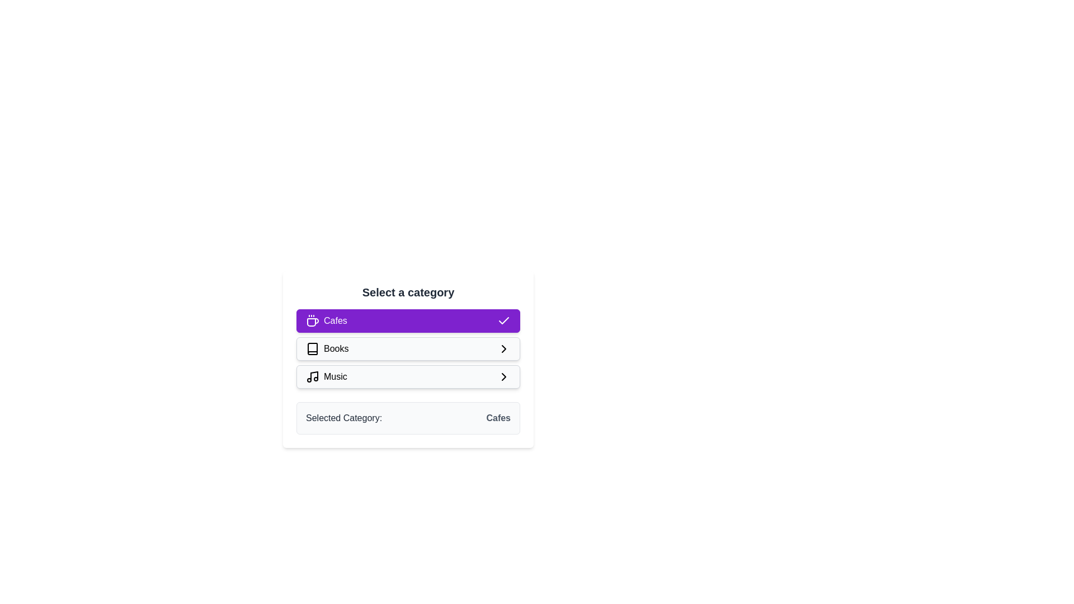  What do you see at coordinates (326, 321) in the screenshot?
I see `the 'Cafes' label` at bounding box center [326, 321].